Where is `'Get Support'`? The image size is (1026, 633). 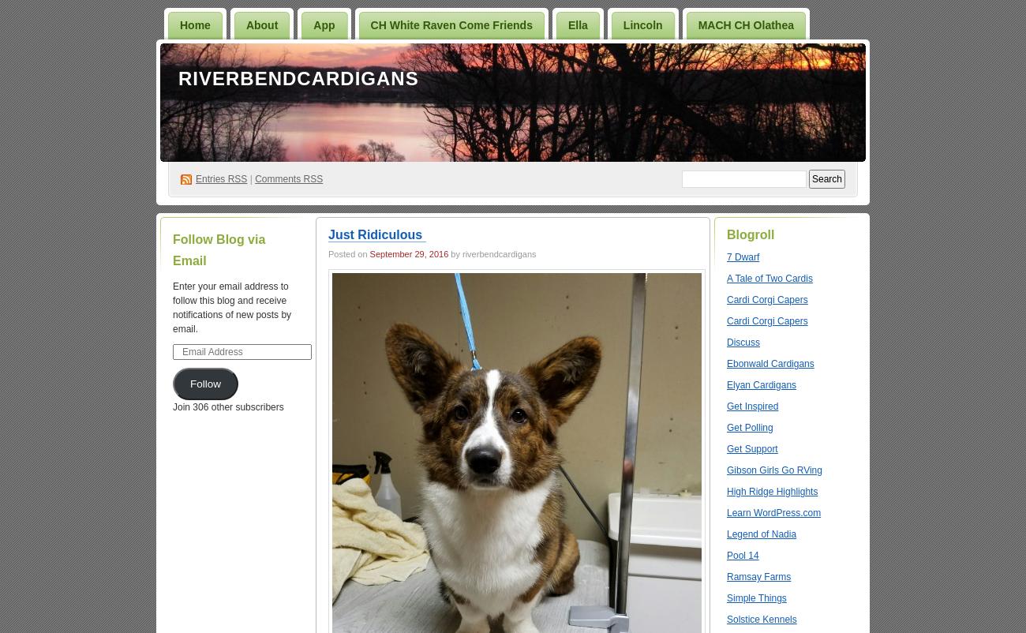 'Get Support' is located at coordinates (752, 449).